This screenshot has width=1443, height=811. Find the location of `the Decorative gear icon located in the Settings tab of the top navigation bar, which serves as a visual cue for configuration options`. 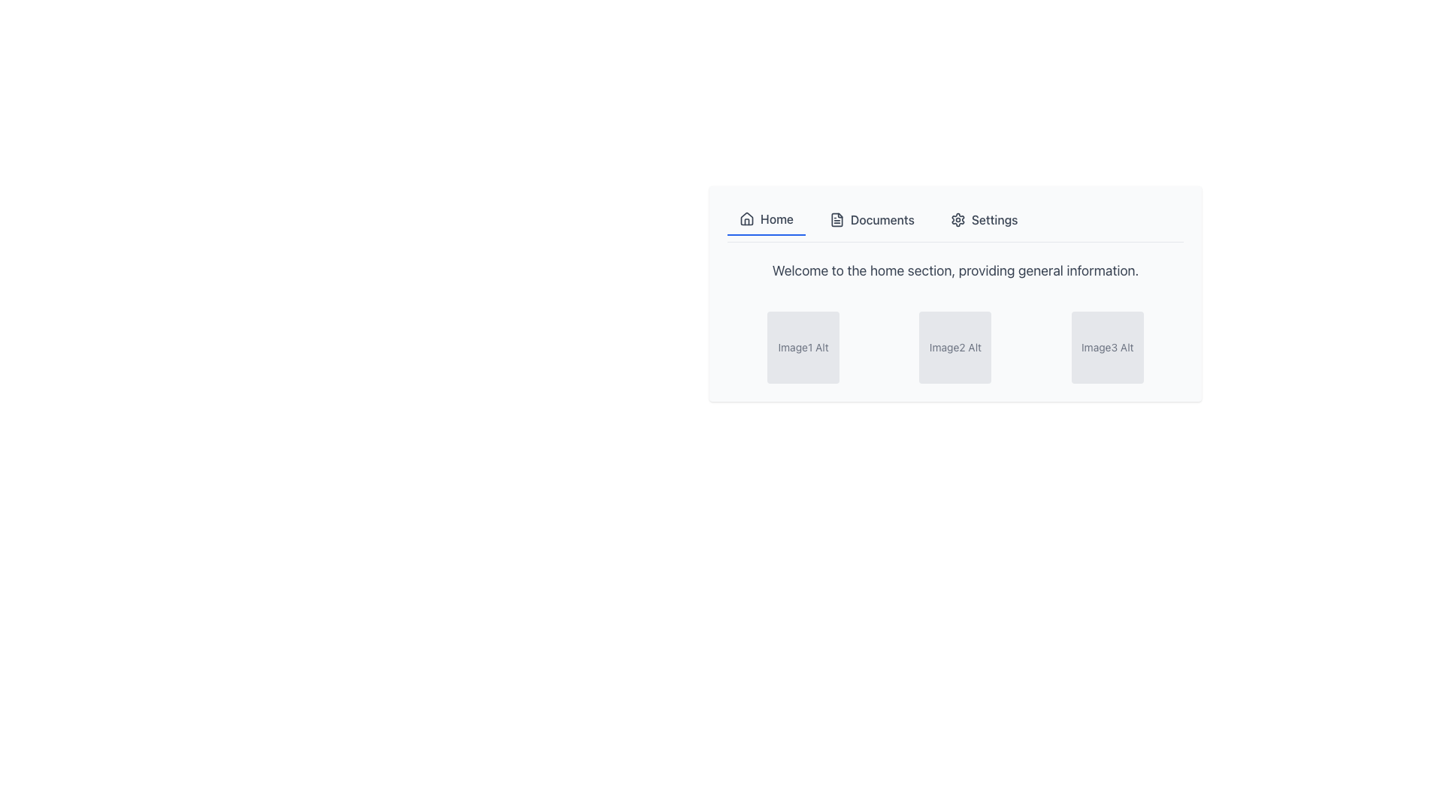

the Decorative gear icon located in the Settings tab of the top navigation bar, which serves as a visual cue for configuration options is located at coordinates (957, 220).